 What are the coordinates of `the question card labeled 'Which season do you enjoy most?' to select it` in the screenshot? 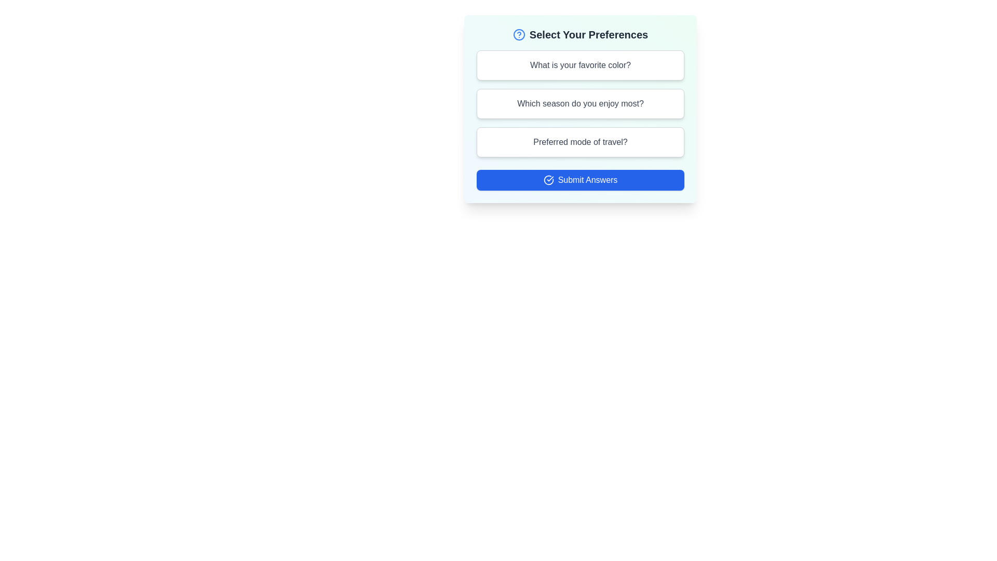 It's located at (580, 104).